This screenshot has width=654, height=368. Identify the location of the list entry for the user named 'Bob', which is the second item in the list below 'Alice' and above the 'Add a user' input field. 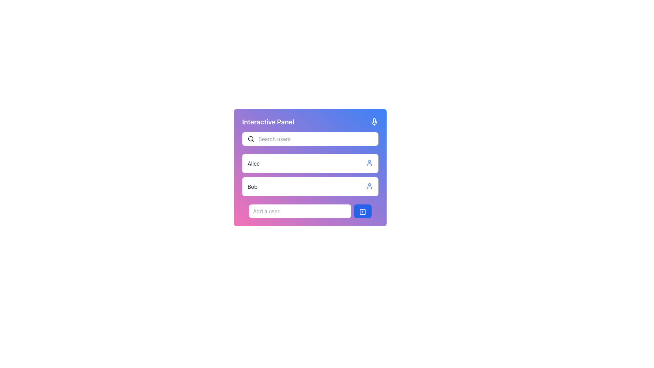
(310, 186).